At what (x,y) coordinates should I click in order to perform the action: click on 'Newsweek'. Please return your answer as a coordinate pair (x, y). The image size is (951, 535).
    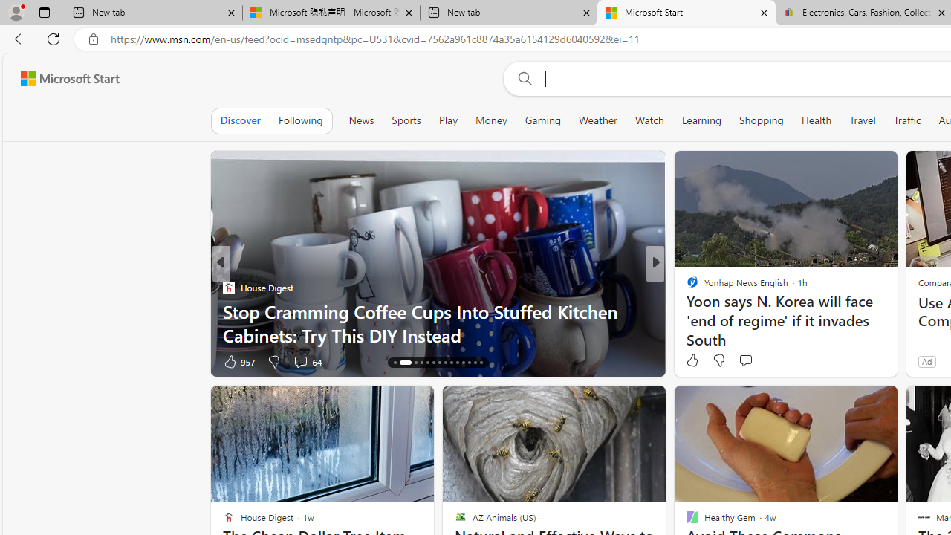
    Looking at the image, I should click on (685, 288).